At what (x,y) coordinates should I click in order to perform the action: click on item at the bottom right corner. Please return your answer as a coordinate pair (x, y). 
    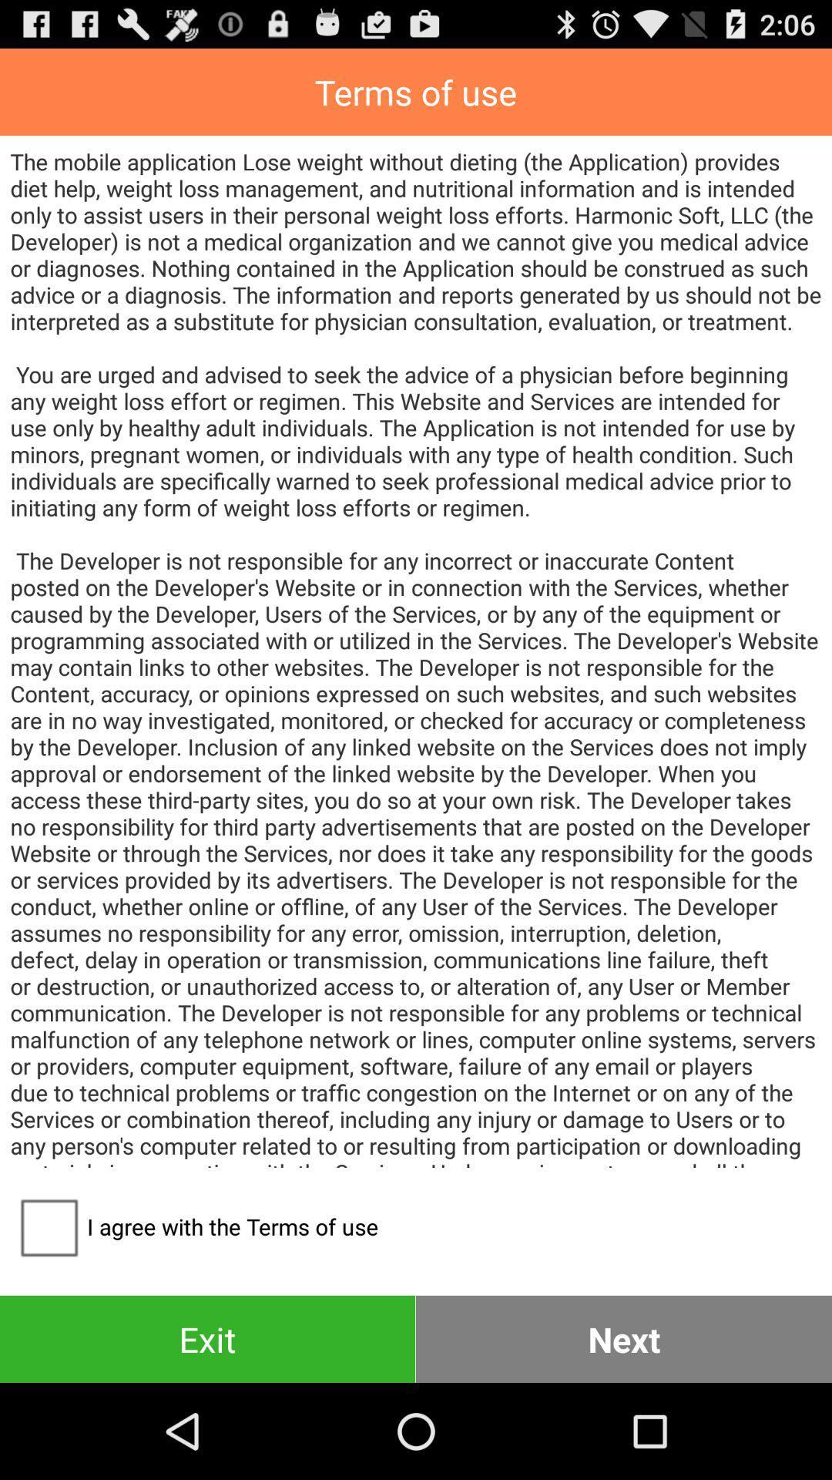
    Looking at the image, I should click on (624, 1338).